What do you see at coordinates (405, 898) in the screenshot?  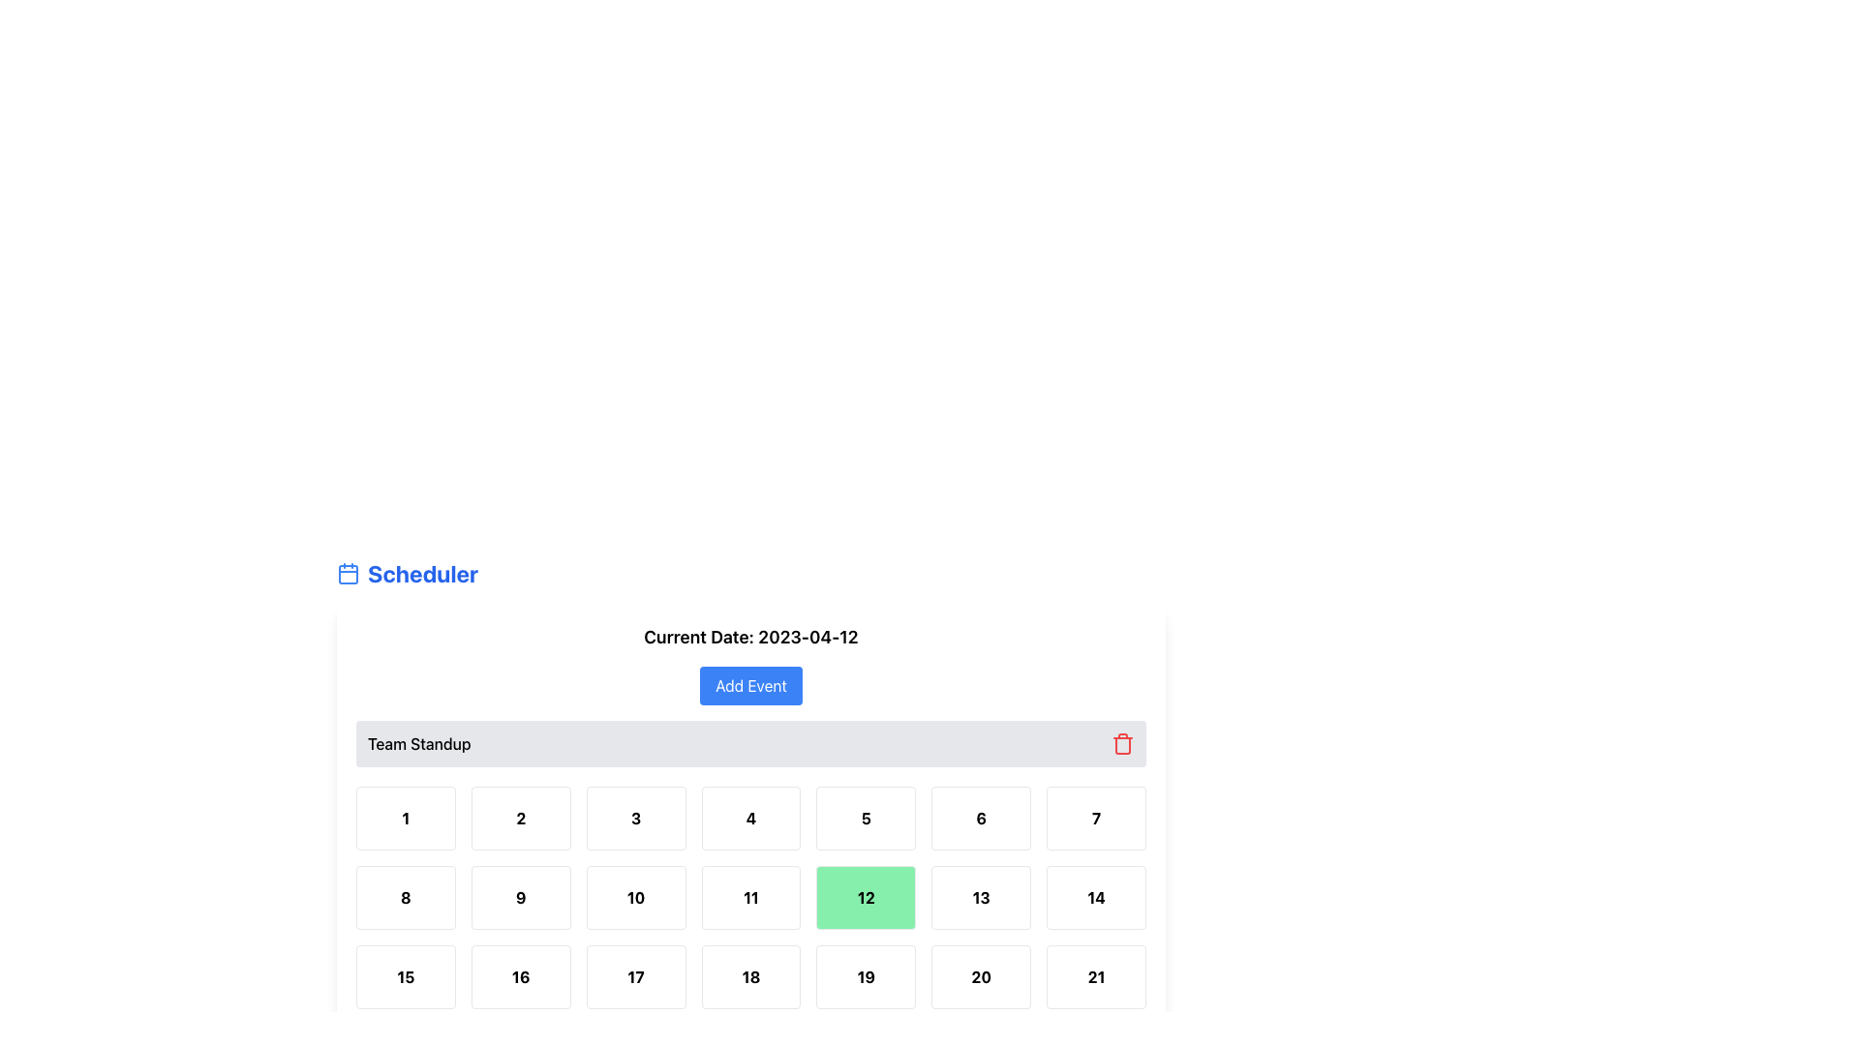 I see `the calendar button located in the second row and first column of the grid, used for selecting a date` at bounding box center [405, 898].